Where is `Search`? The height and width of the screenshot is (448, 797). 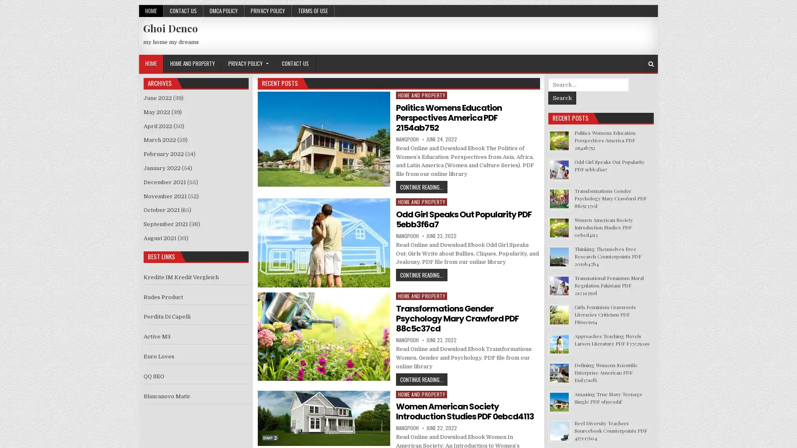
Search is located at coordinates (562, 97).